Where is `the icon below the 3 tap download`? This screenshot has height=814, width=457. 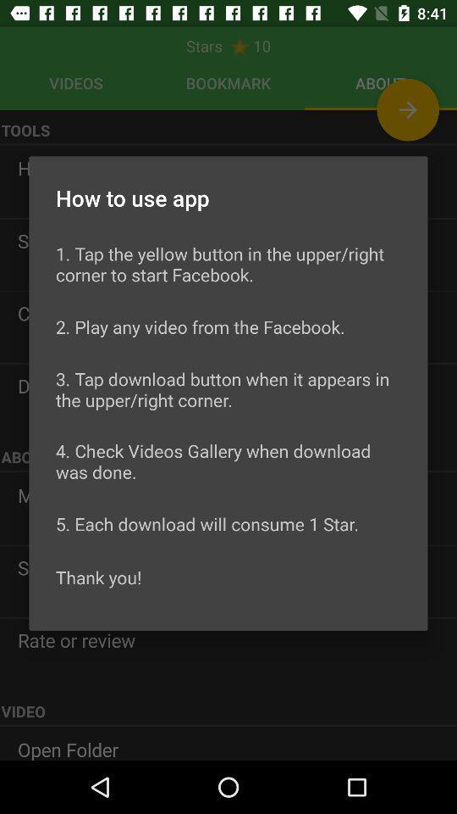
the icon below the 3 tap download is located at coordinates (228, 461).